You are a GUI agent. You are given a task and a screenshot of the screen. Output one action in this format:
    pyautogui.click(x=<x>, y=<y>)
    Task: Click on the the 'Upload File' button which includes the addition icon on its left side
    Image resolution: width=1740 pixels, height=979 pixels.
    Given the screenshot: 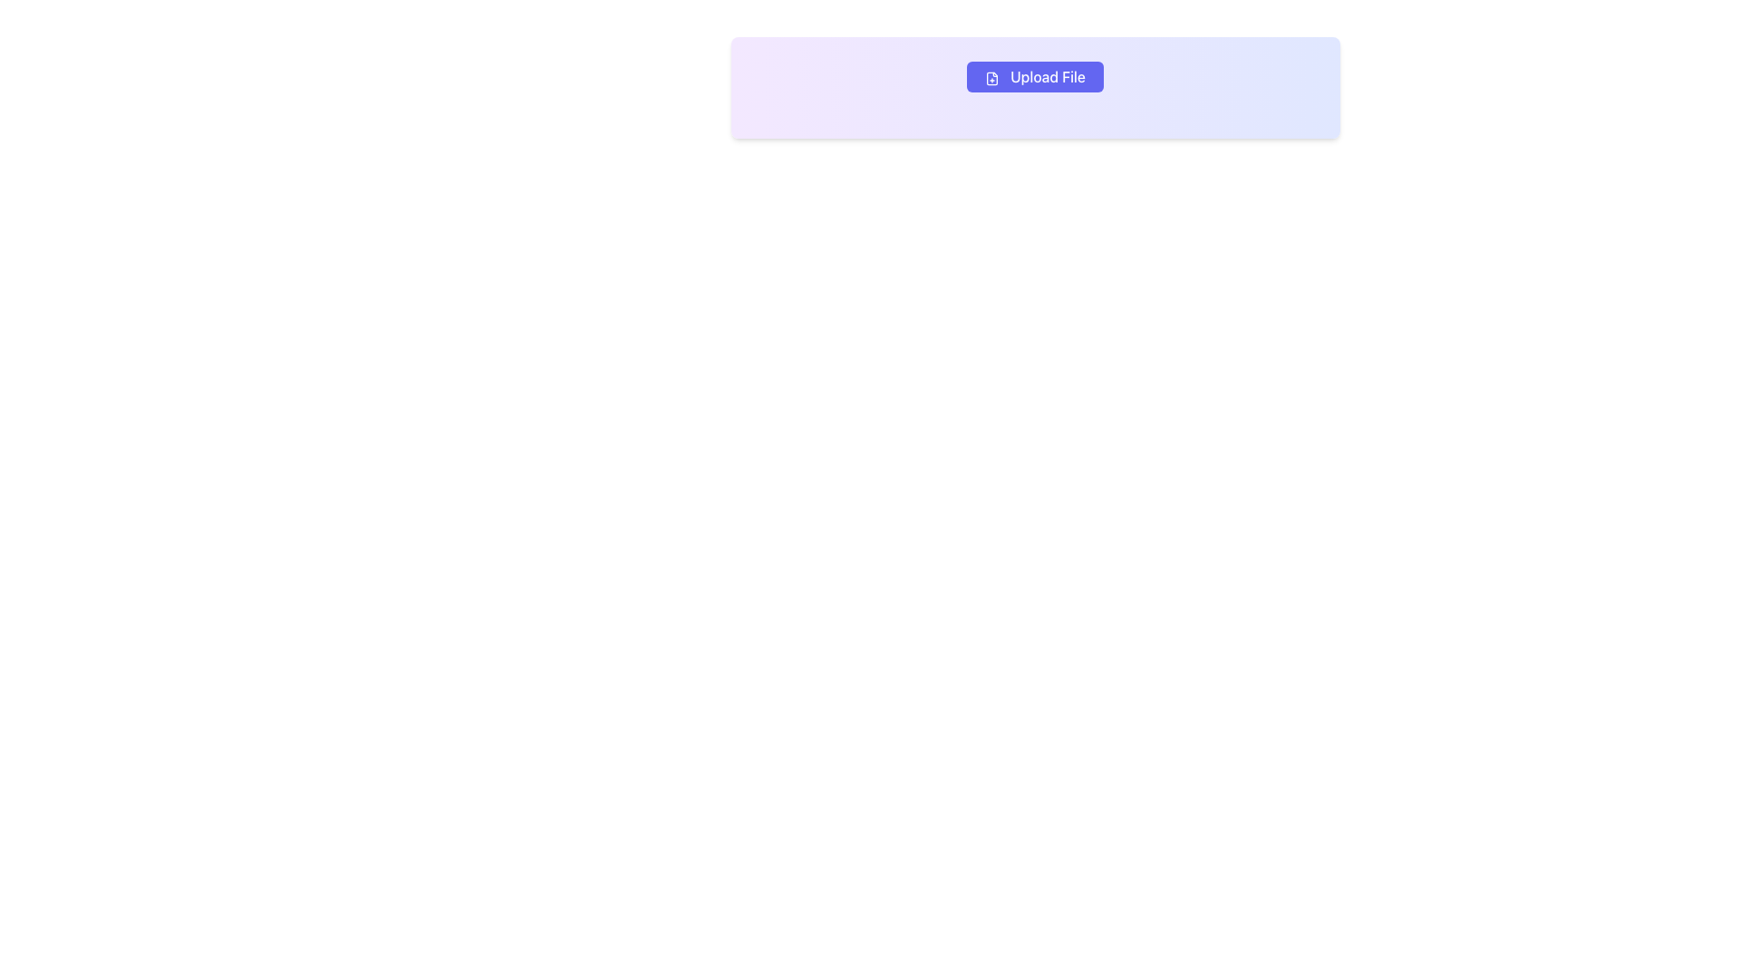 What is the action you would take?
    pyautogui.click(x=991, y=77)
    